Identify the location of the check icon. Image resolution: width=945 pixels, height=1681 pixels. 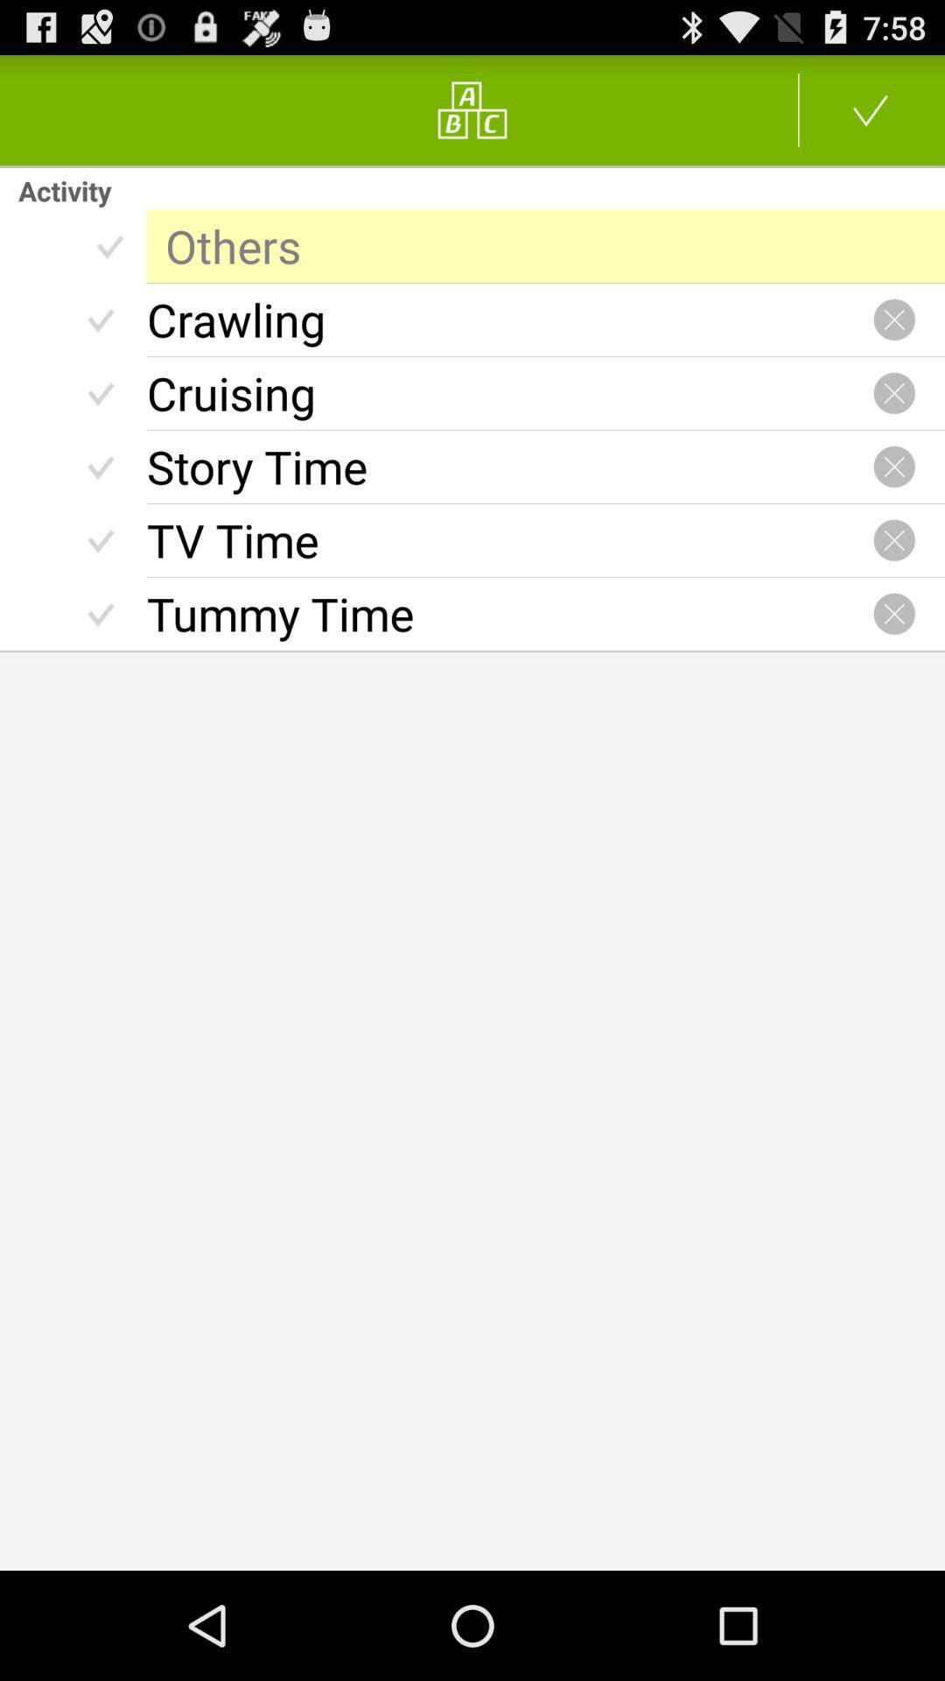
(871, 116).